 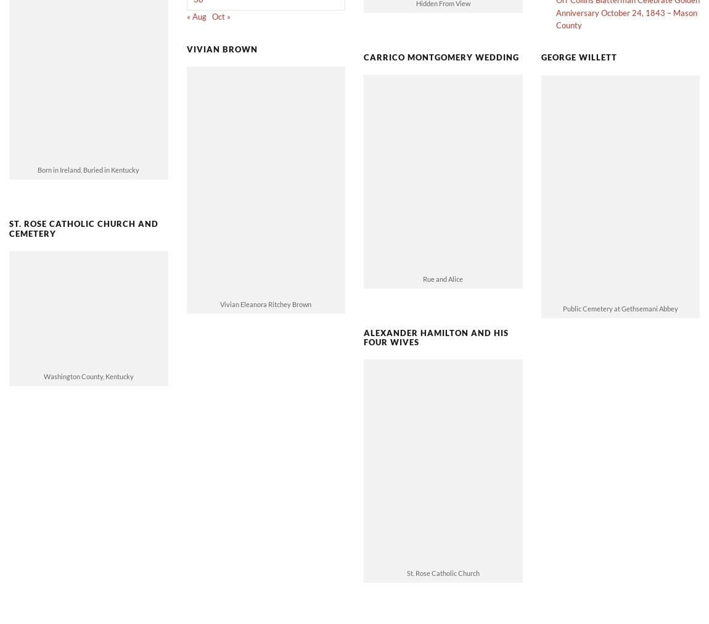 I want to click on 'Vivian Brown', so click(x=221, y=28).